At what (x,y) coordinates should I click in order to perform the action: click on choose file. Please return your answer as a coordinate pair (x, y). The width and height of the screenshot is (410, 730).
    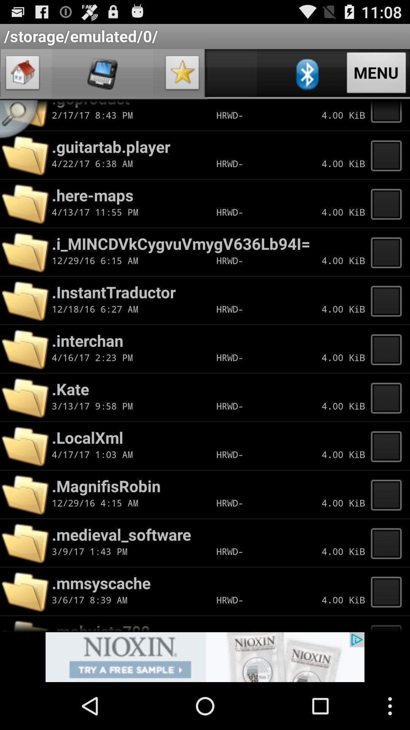
    Looking at the image, I should click on (388, 494).